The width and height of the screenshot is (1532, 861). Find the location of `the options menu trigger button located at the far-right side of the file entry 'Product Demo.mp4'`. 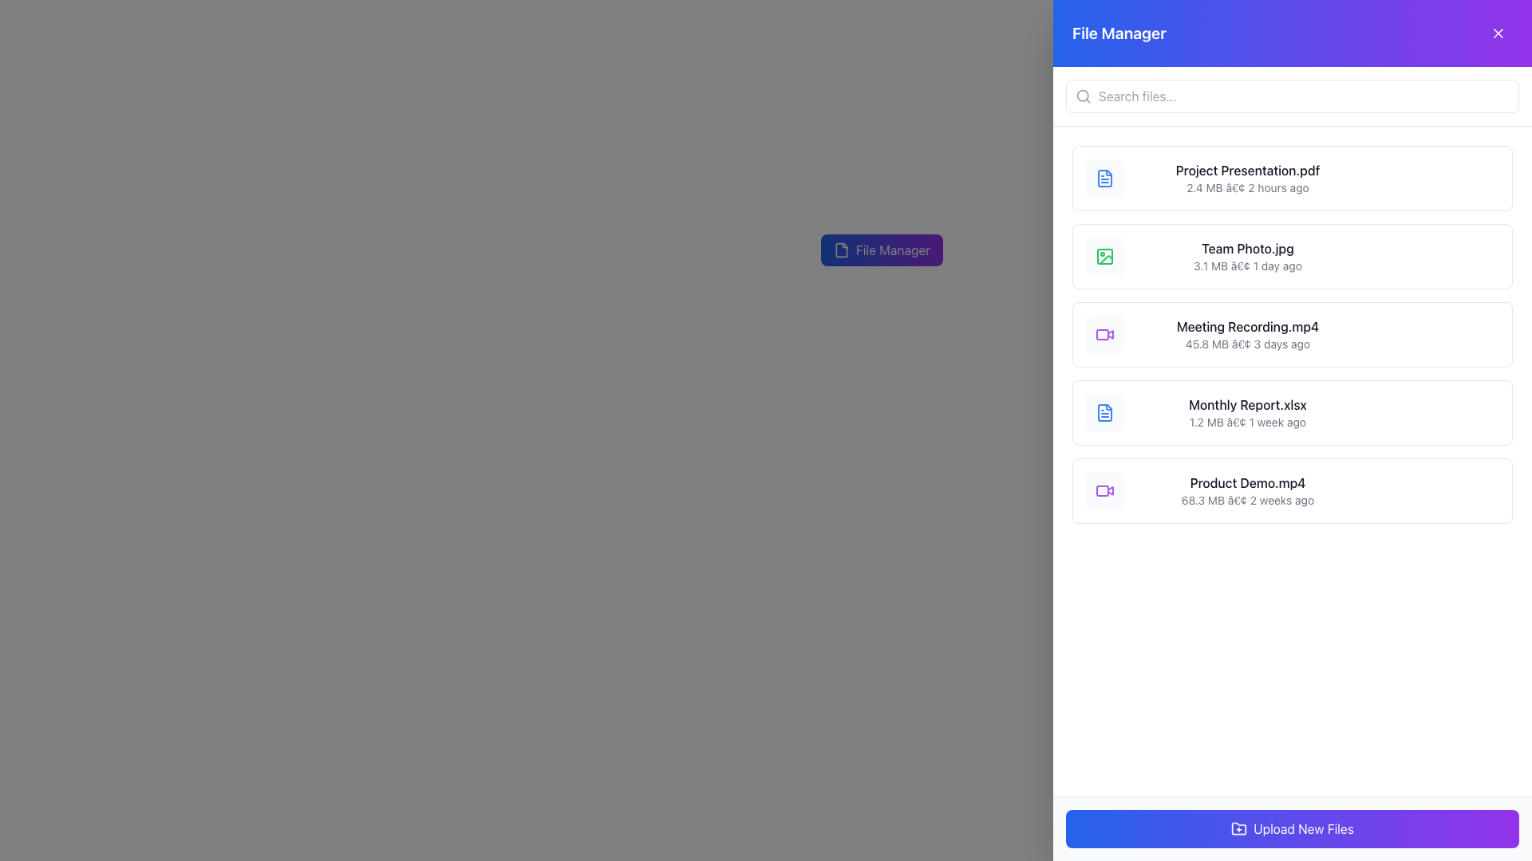

the options menu trigger button located at the far-right side of the file entry 'Product Demo.mp4' is located at coordinates (1485, 490).